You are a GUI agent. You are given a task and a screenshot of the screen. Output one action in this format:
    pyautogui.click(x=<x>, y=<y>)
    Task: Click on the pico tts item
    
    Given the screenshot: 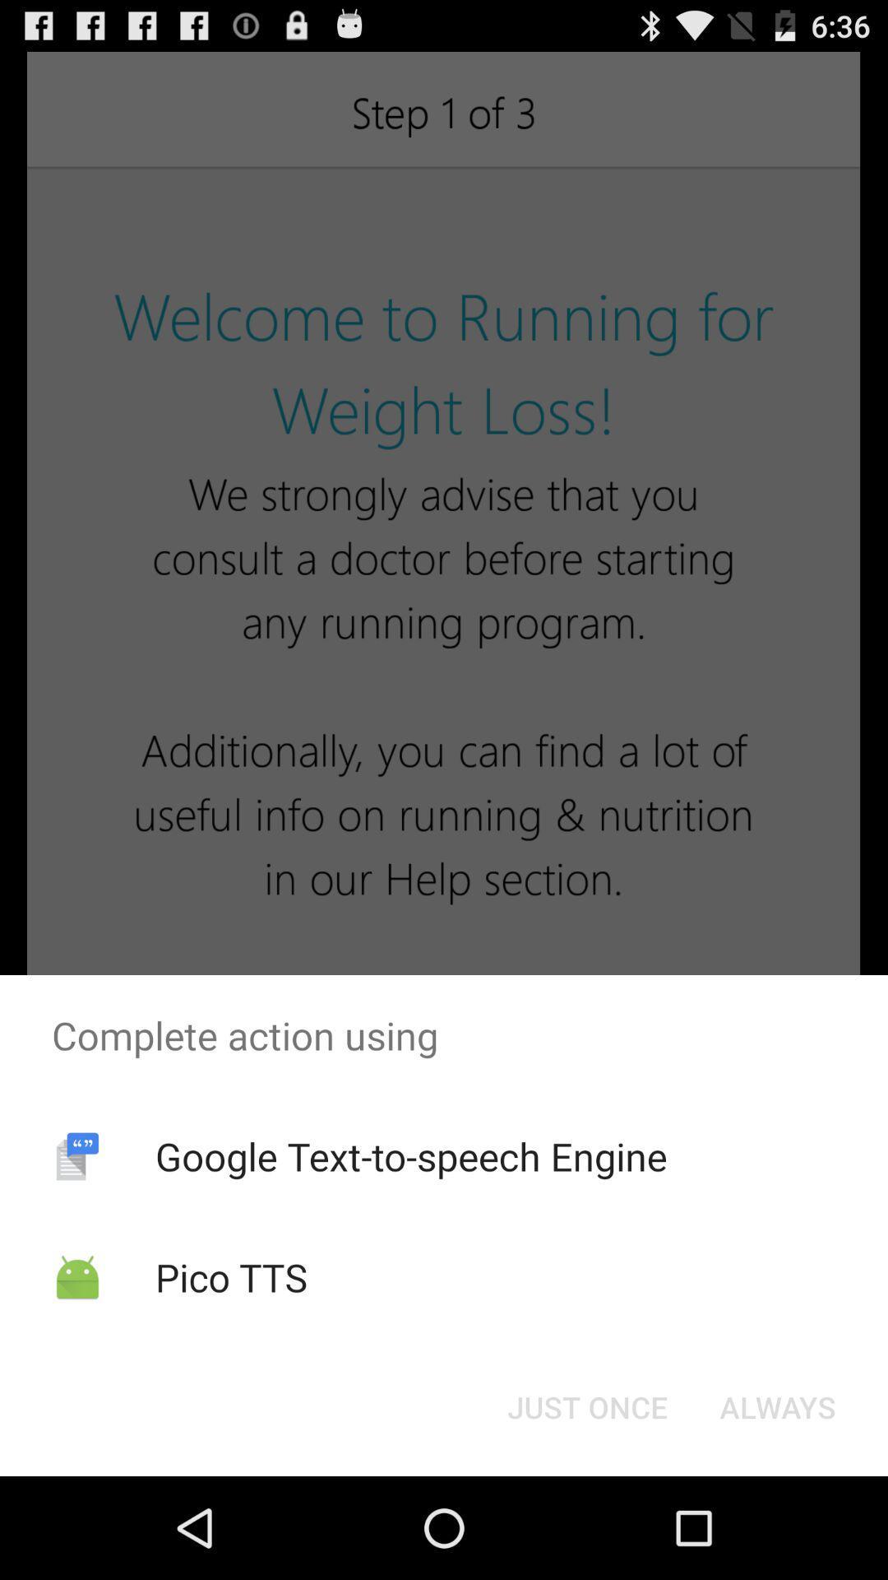 What is the action you would take?
    pyautogui.click(x=231, y=1276)
    